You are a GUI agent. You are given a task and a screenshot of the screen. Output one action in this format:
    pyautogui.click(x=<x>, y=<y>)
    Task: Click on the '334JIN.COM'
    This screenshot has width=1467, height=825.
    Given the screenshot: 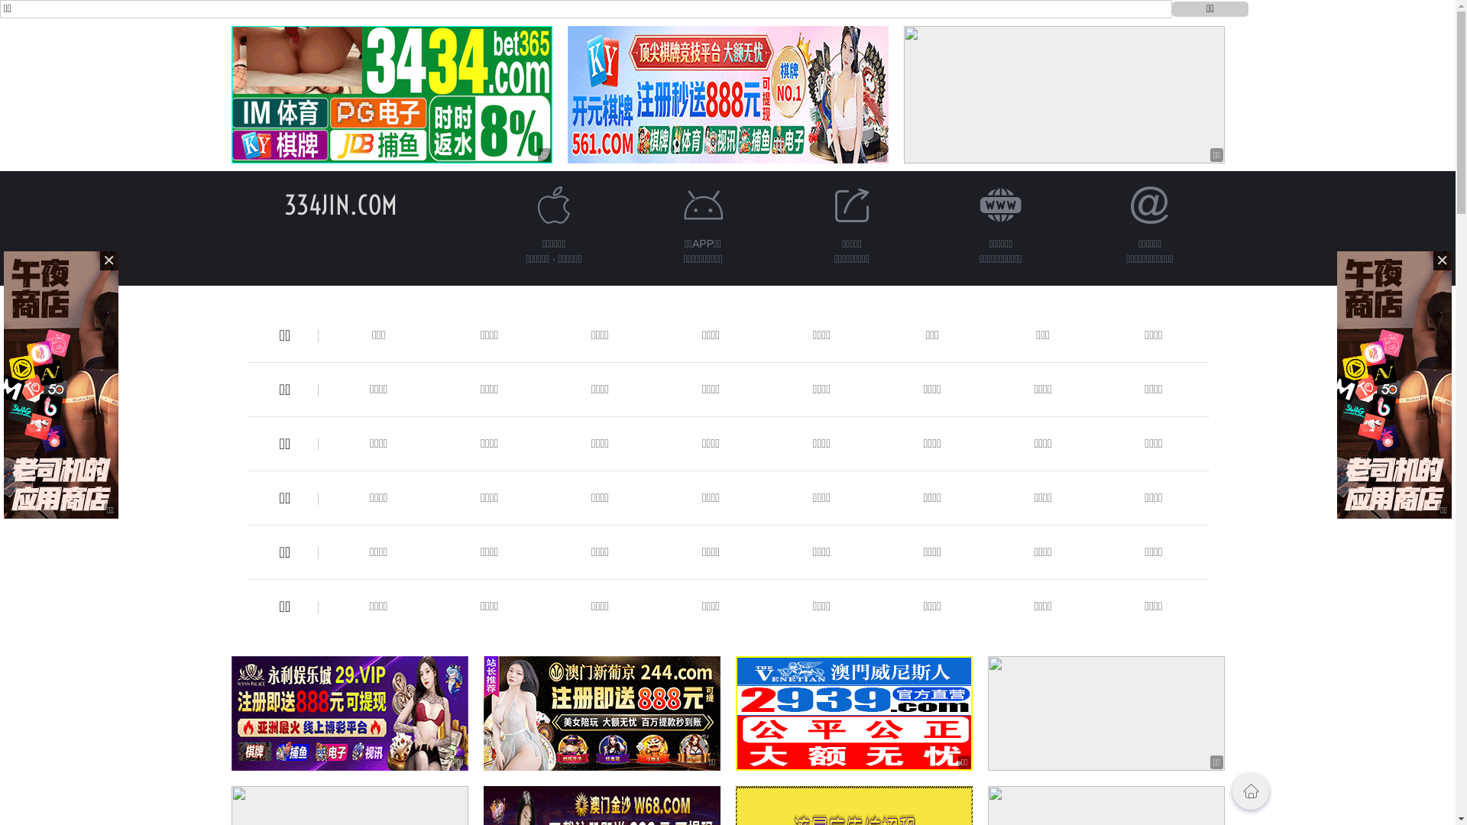 What is the action you would take?
    pyautogui.click(x=284, y=204)
    